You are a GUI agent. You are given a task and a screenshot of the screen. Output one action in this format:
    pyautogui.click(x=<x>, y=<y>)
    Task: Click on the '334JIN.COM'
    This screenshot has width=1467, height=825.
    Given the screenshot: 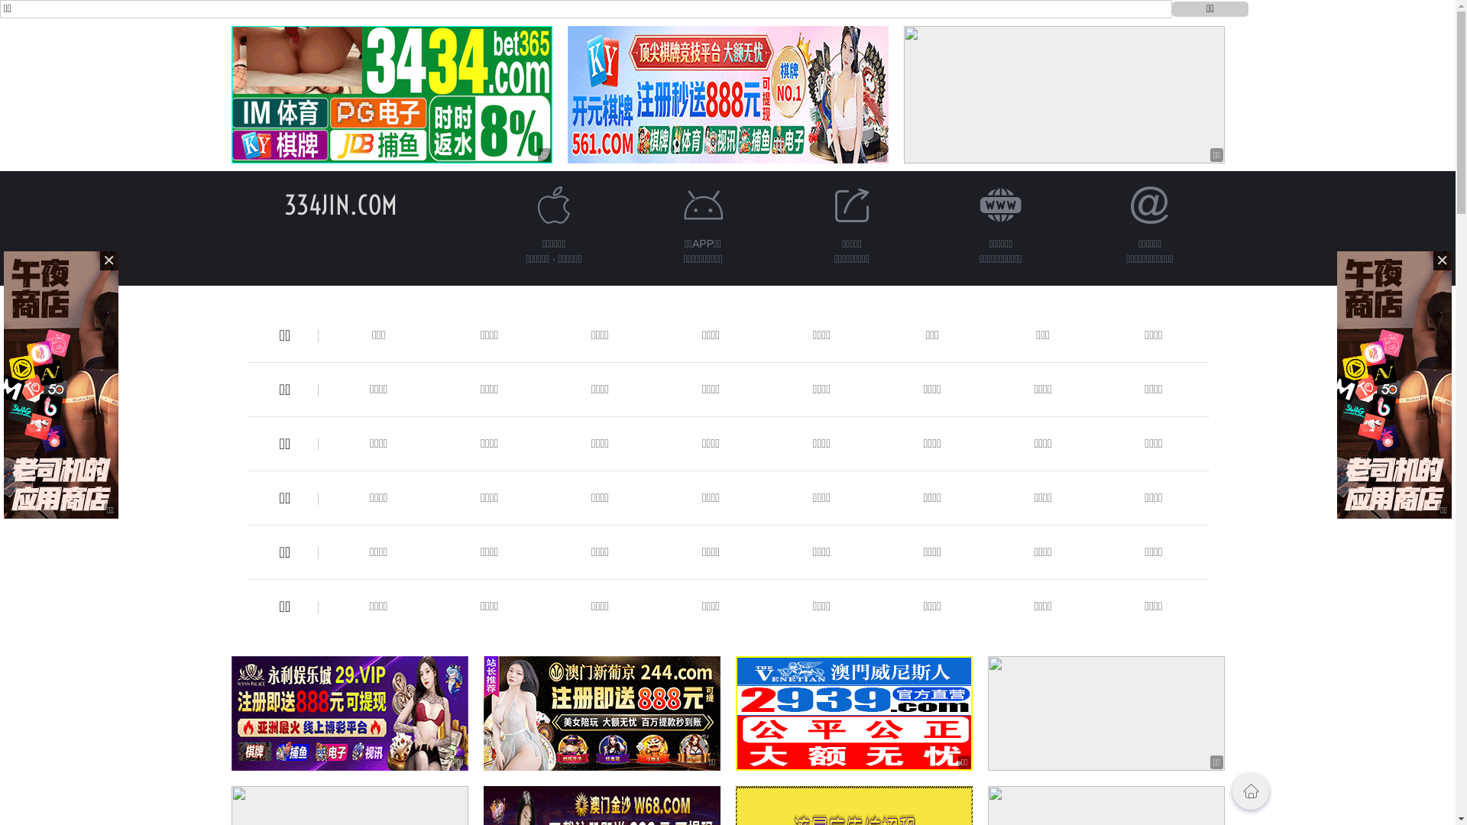 What is the action you would take?
    pyautogui.click(x=284, y=204)
    